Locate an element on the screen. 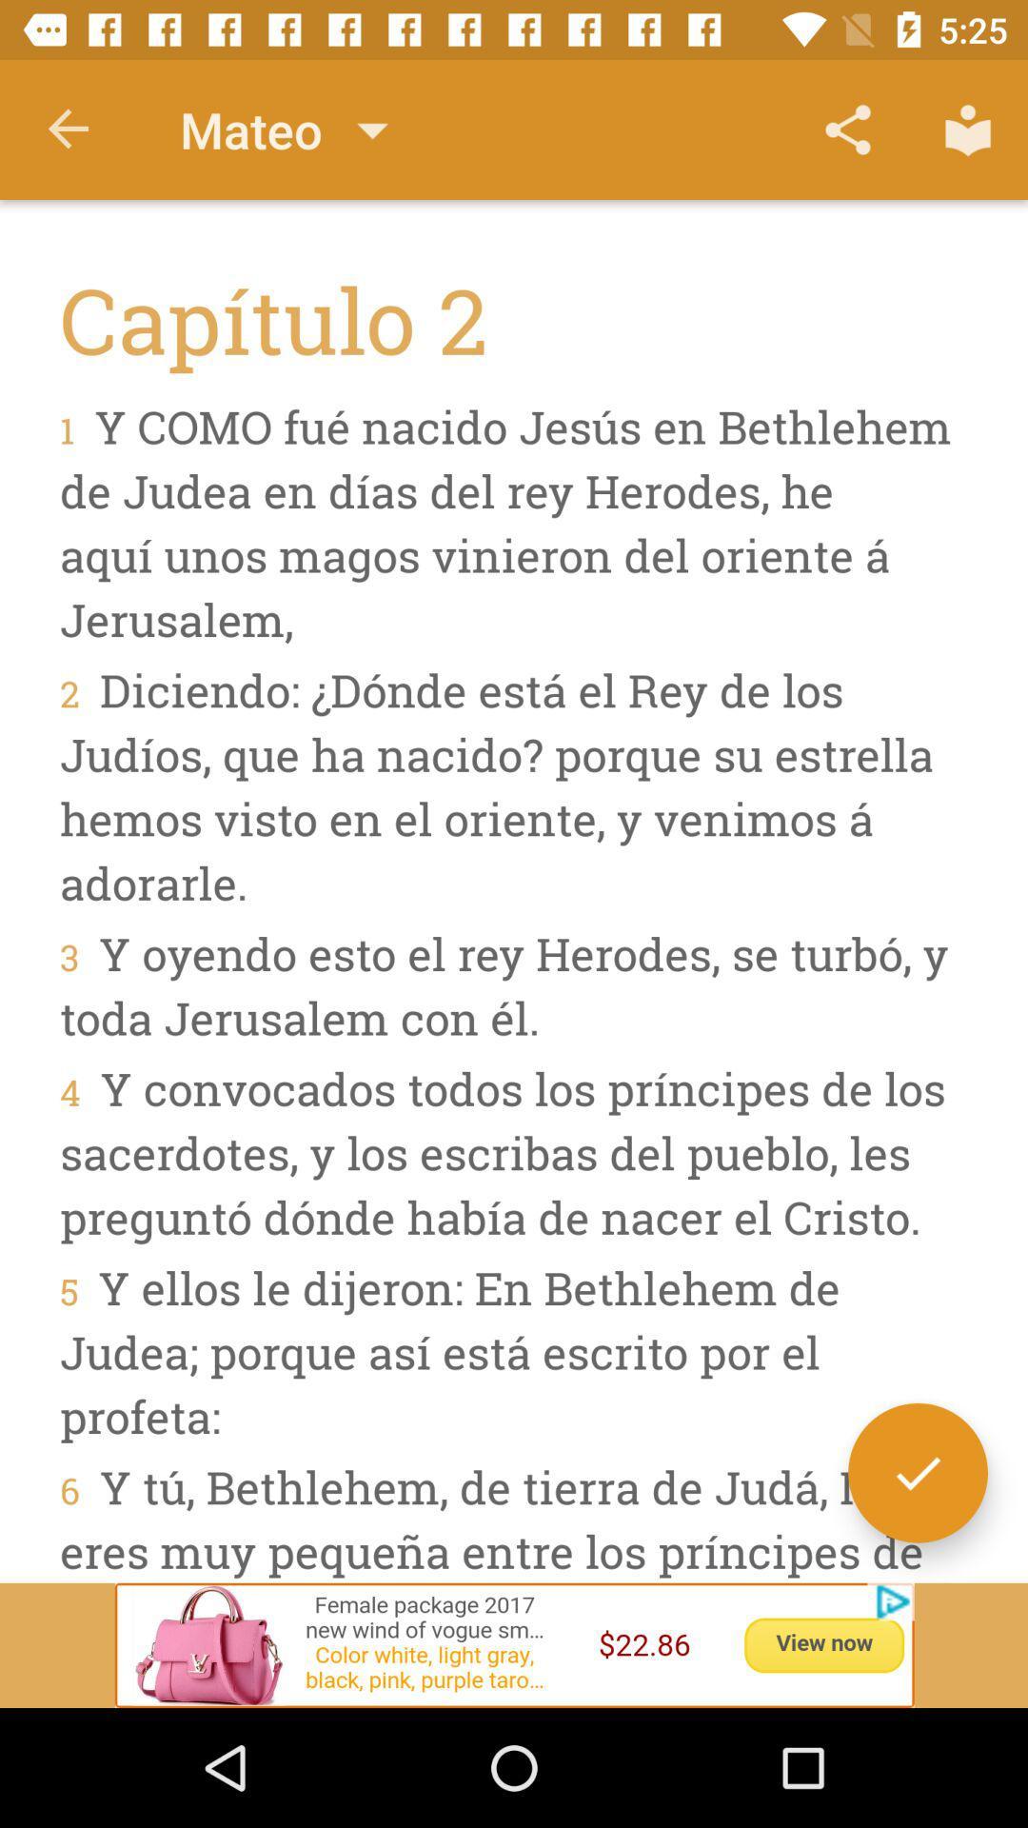 This screenshot has height=1828, width=1028. icon at the bottom right corner is located at coordinates (917, 1472).